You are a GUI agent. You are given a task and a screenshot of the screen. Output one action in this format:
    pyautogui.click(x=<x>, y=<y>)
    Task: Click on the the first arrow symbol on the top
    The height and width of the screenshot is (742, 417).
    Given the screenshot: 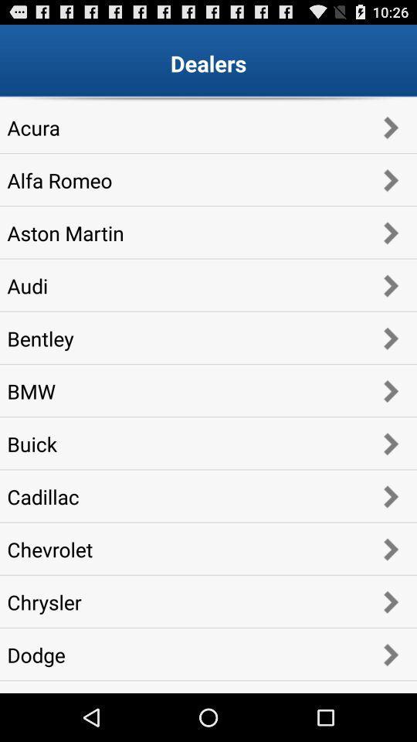 What is the action you would take?
    pyautogui.click(x=389, y=126)
    